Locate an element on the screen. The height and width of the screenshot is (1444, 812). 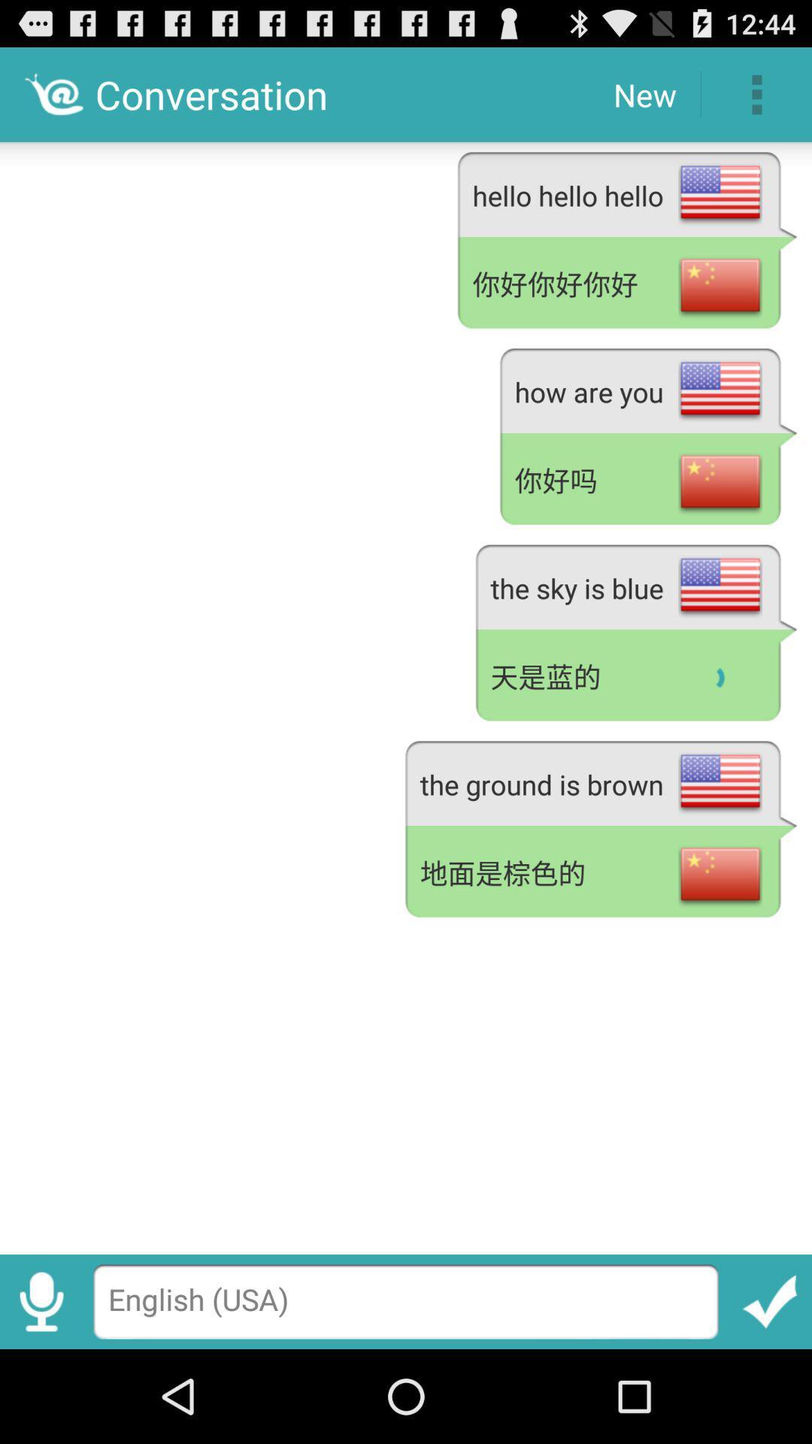
voice recording is located at coordinates (41, 1301).